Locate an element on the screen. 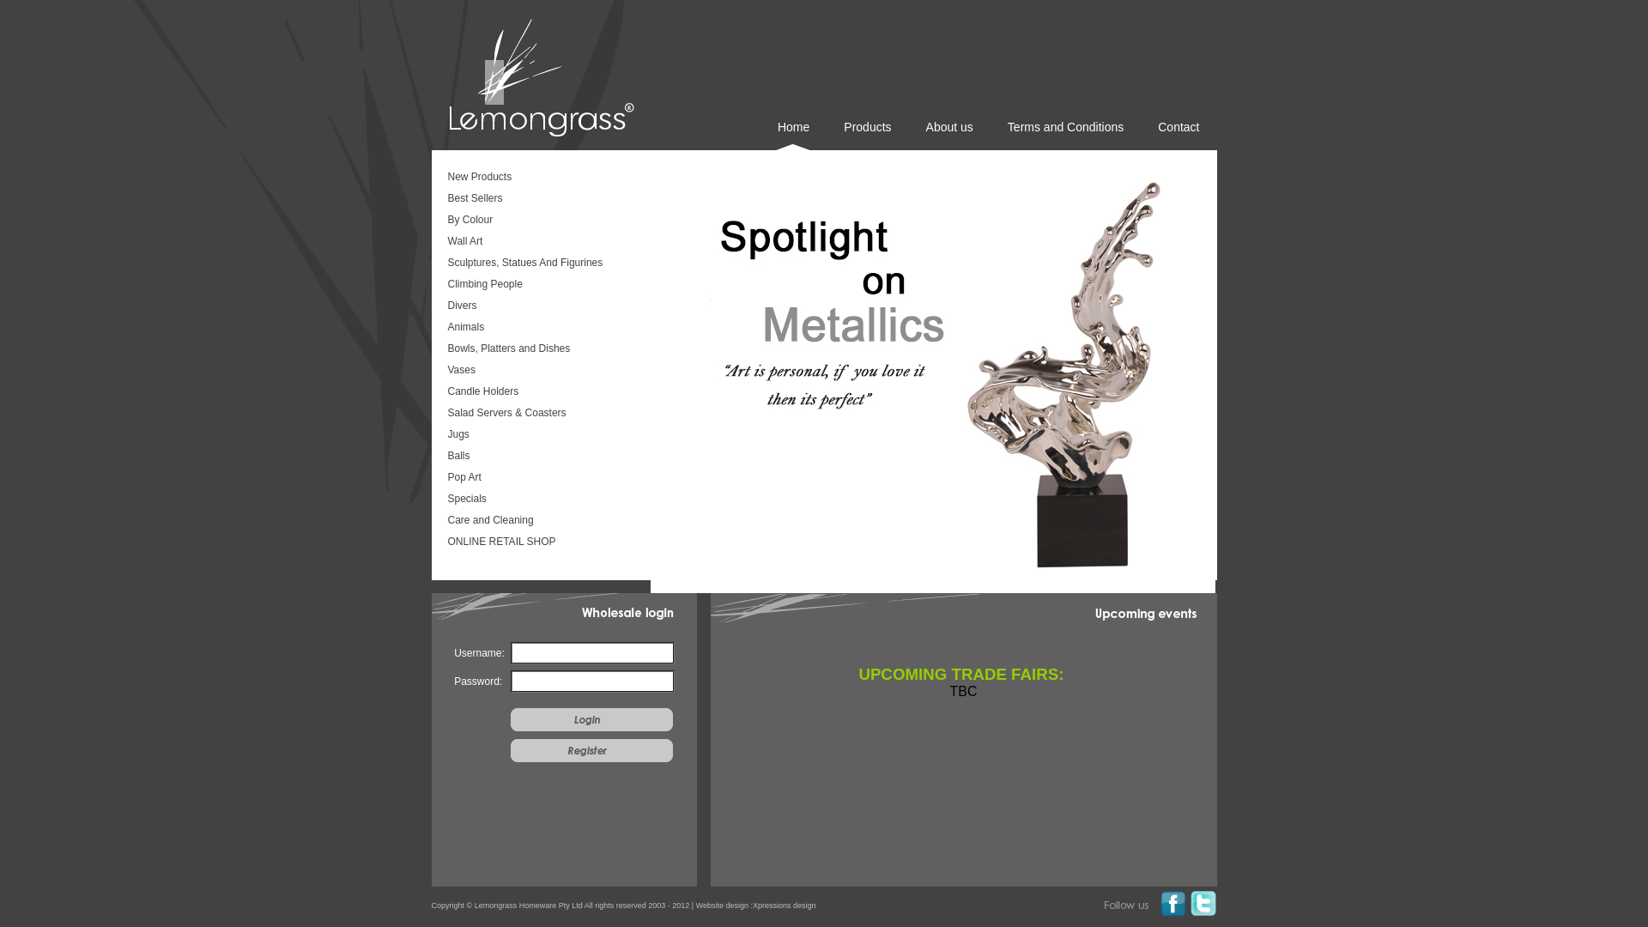 Image resolution: width=1648 pixels, height=927 pixels. 'Pop Art' is located at coordinates (538, 479).